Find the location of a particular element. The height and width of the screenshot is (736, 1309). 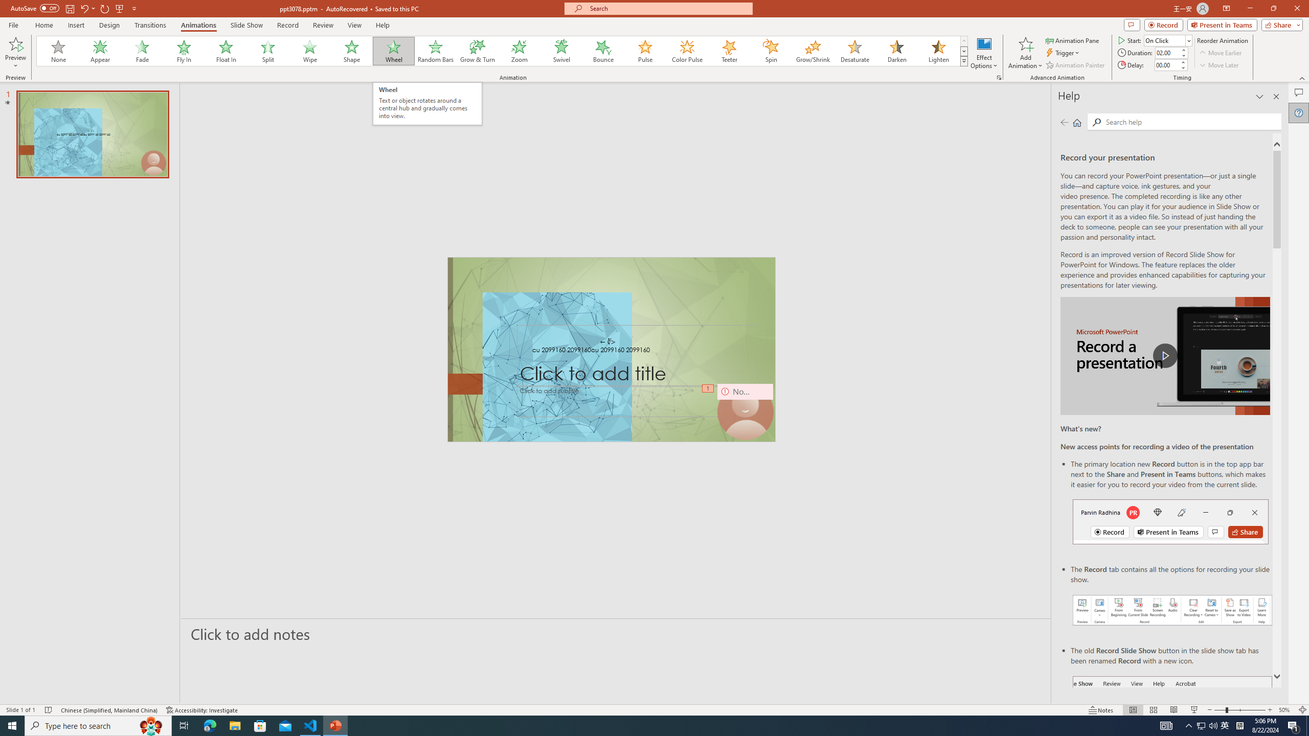

'Pulse' is located at coordinates (645, 51).